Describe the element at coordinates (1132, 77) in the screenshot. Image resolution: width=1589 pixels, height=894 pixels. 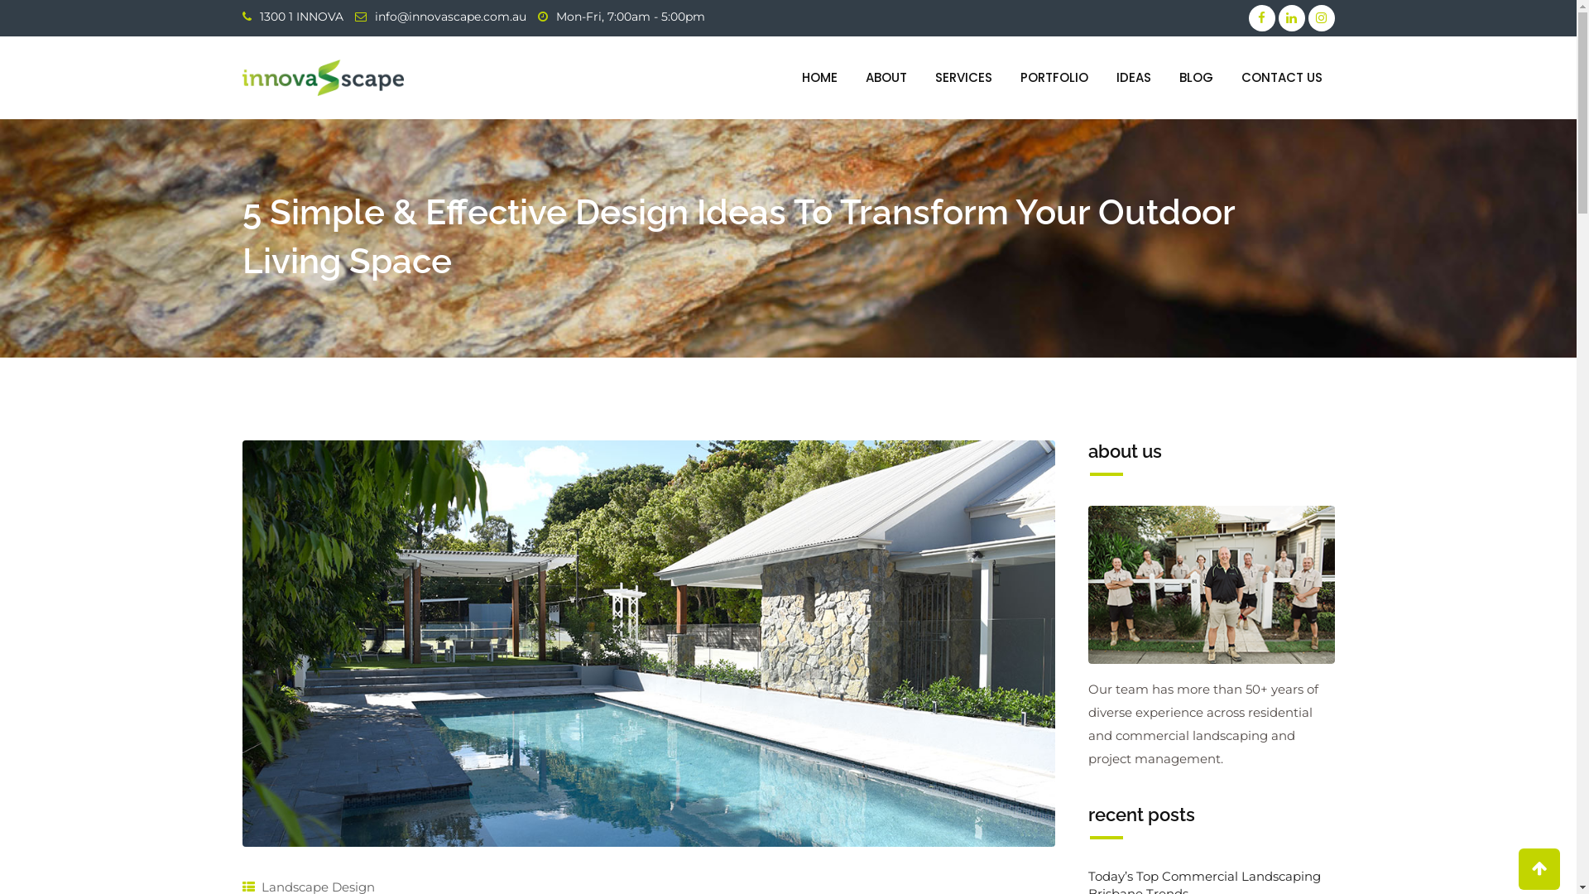
I see `'IDEAS'` at that location.